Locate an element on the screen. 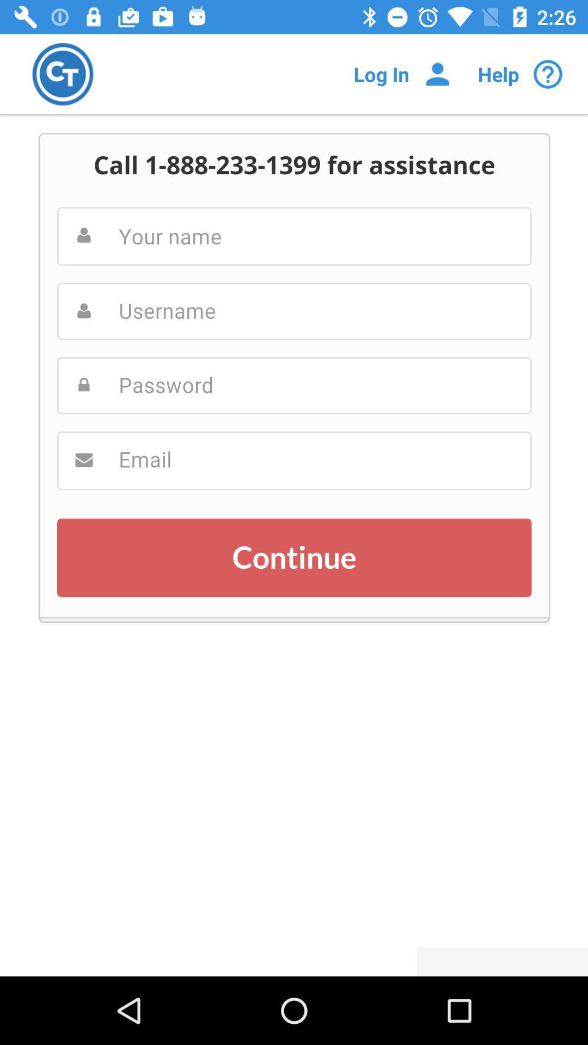  company logo is located at coordinates (63, 73).